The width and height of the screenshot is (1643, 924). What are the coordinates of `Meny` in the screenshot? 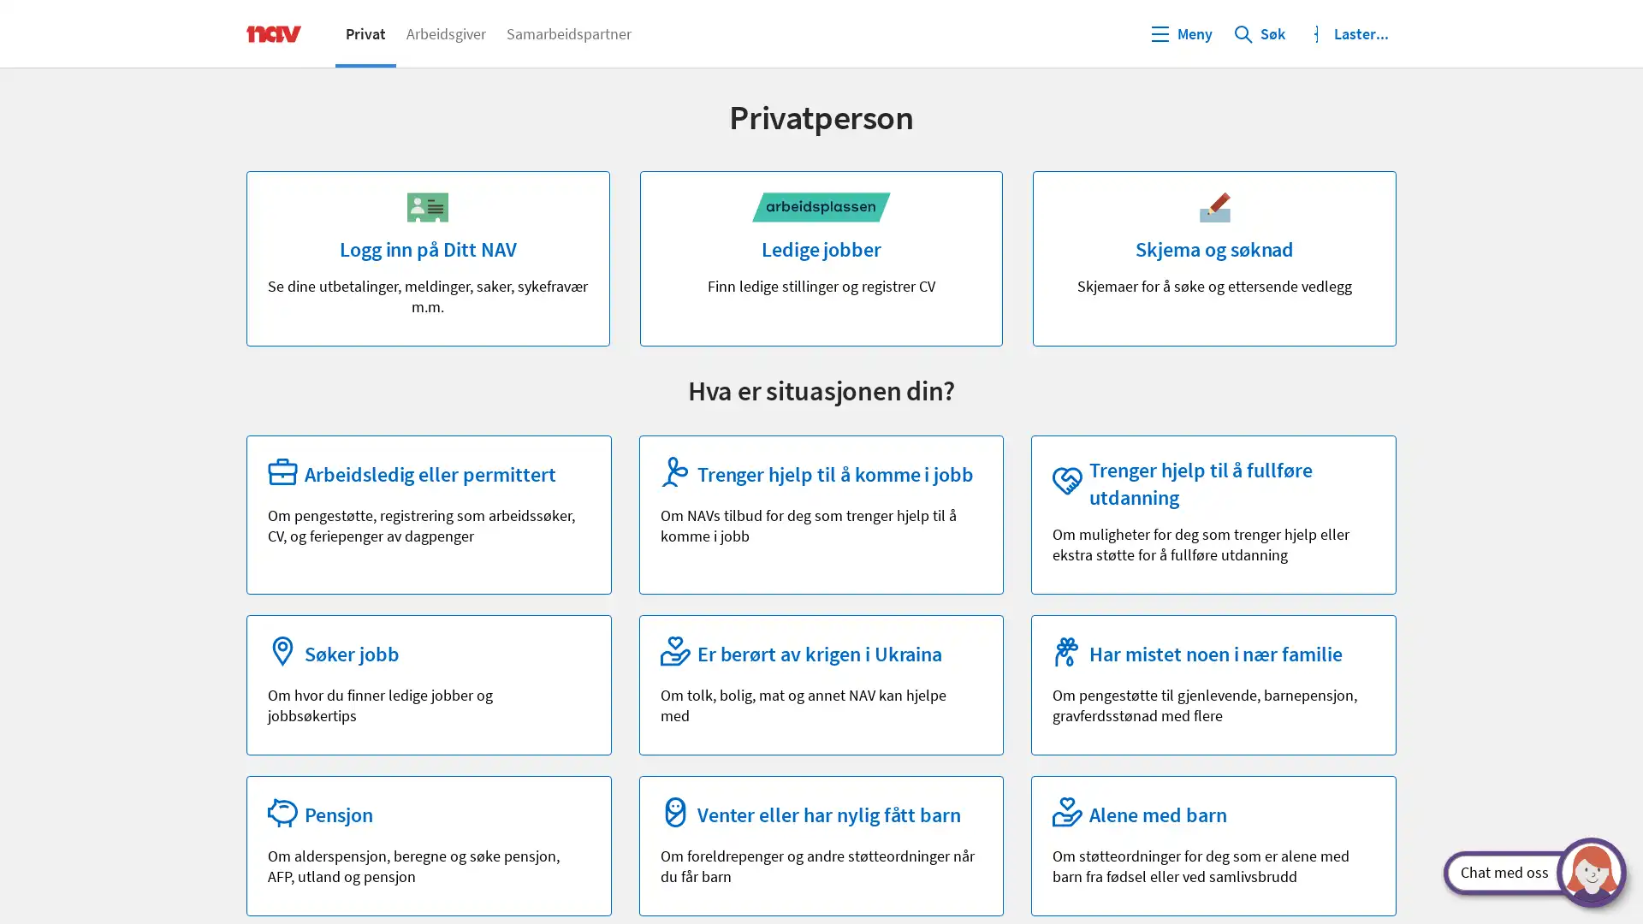 It's located at (1180, 33).